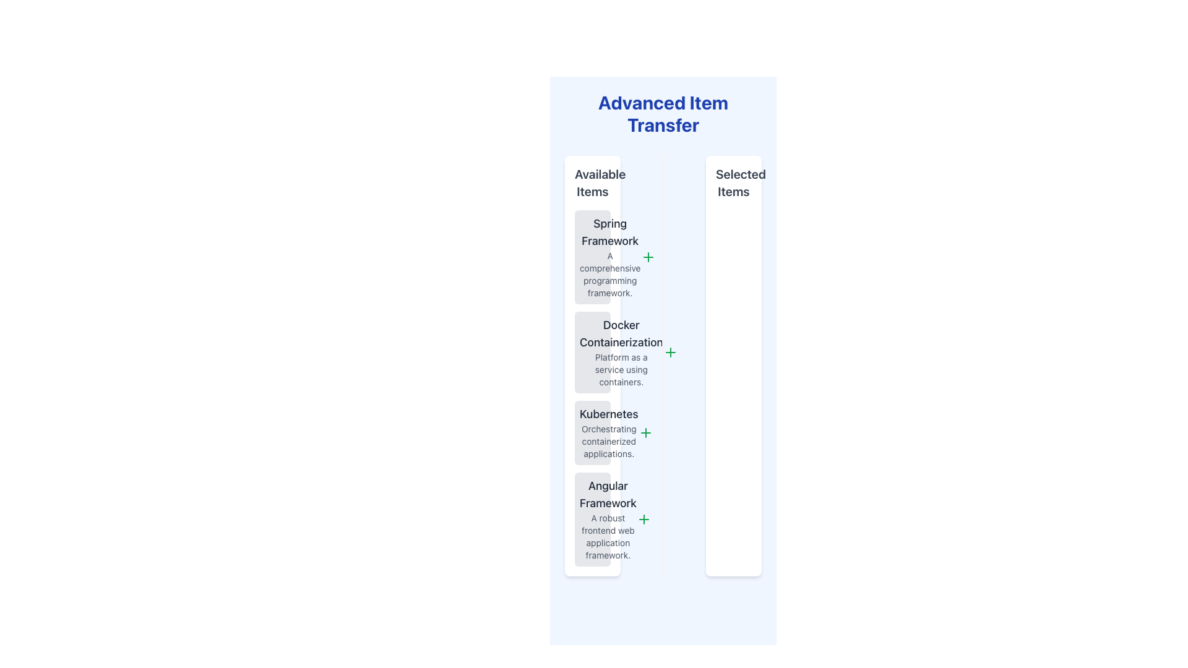 This screenshot has width=1188, height=668. I want to click on the 'Kubernetes' item in the selection list located in the 'Available Items' section of the 'Advanced Item Transfer' interface, so click(609, 432).